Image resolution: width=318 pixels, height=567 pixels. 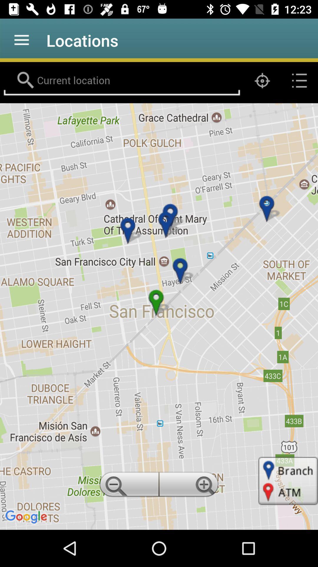 I want to click on item at the center, so click(x=159, y=316).